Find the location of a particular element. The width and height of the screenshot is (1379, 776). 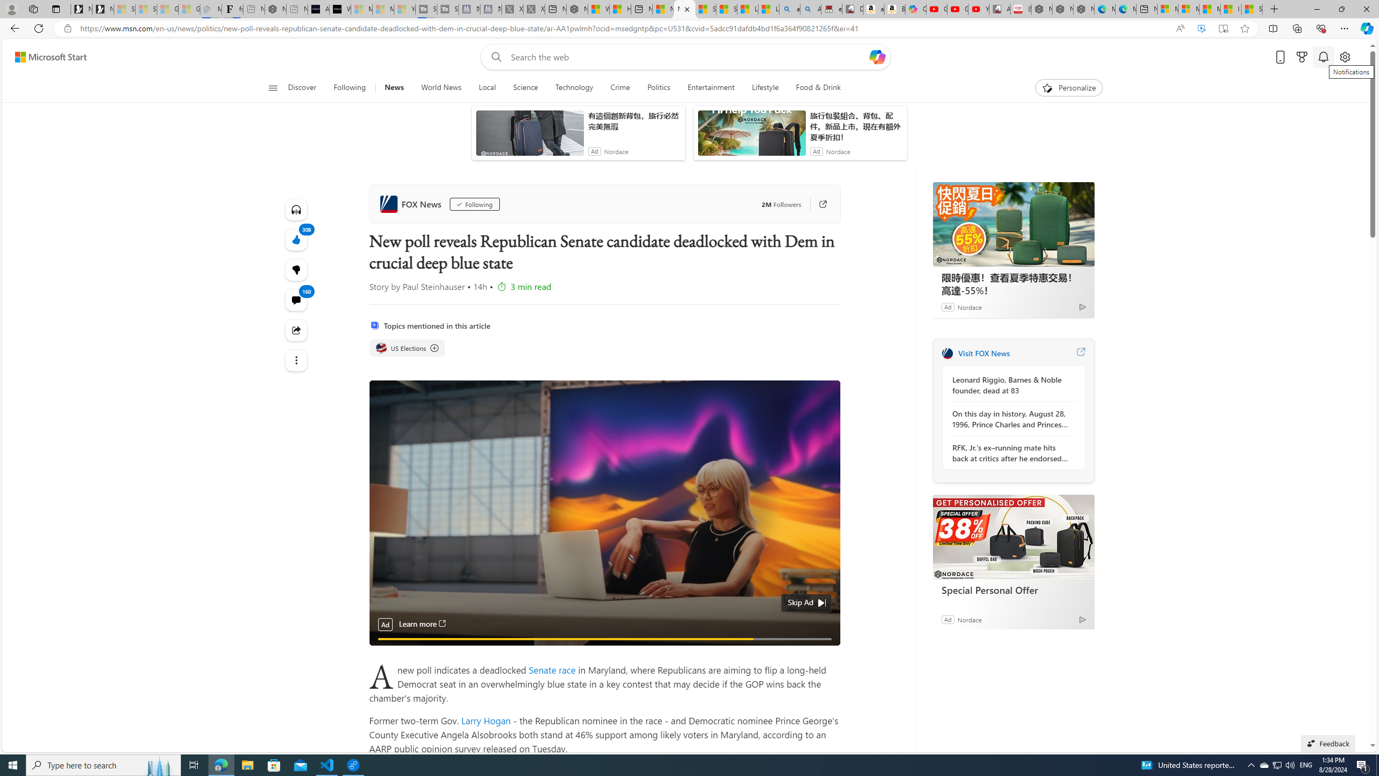

'Enter Immersive Reader (F9)' is located at coordinates (1223, 29).